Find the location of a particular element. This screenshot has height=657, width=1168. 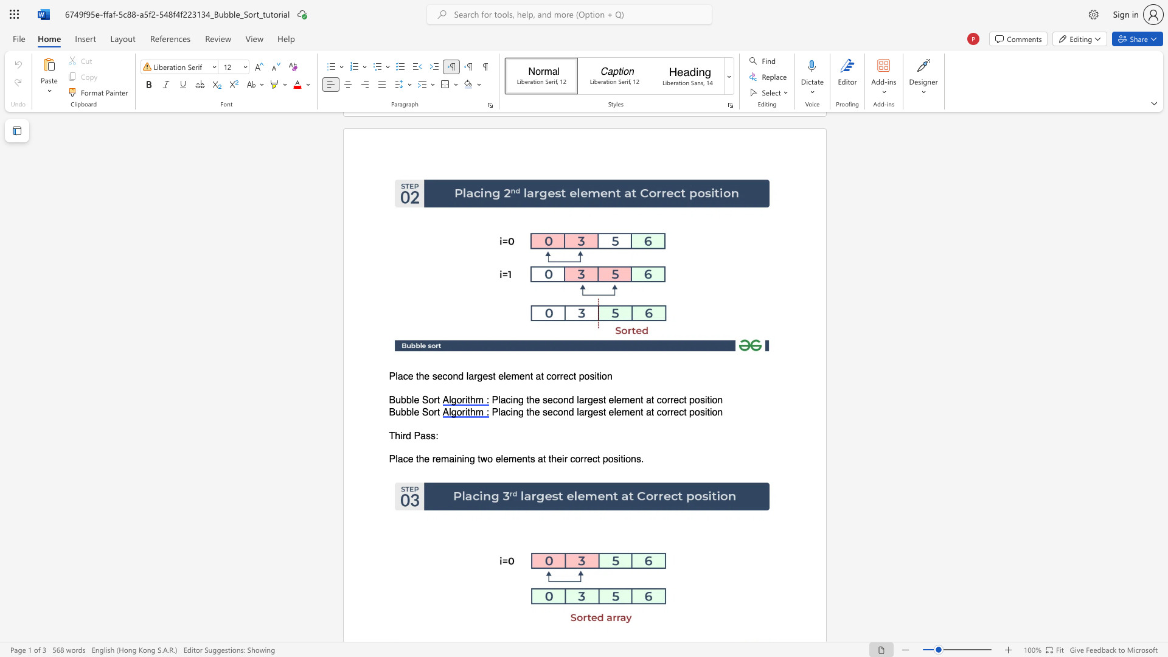

the 1th character "B" in the text is located at coordinates (392, 400).